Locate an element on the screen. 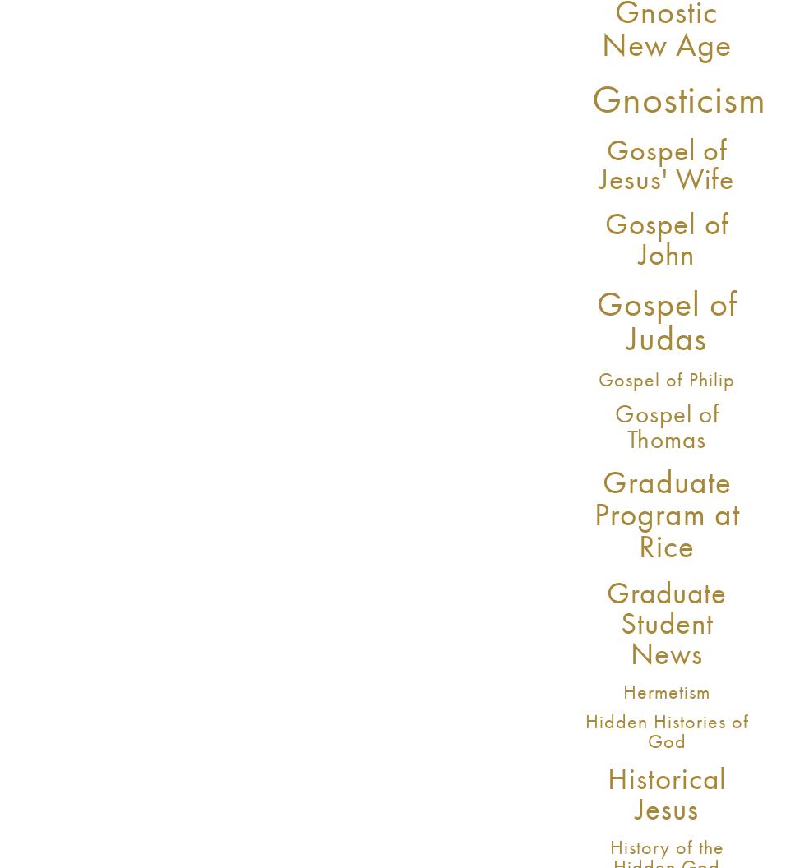  'Hermetism' is located at coordinates (622, 690).